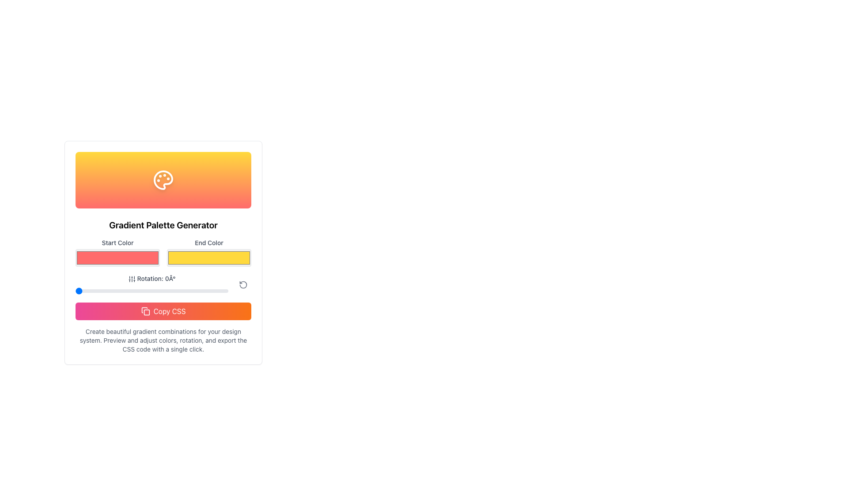 Image resolution: width=848 pixels, height=477 pixels. Describe the element at coordinates (243, 284) in the screenshot. I see `the reset button located on the right side of the layout, next to the rotation information text` at that location.